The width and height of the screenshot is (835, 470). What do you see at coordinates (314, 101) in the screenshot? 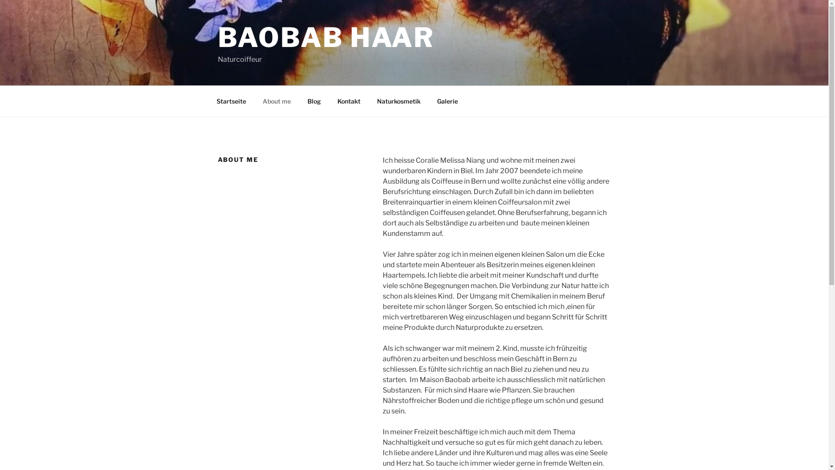
I see `'Blog'` at bounding box center [314, 101].